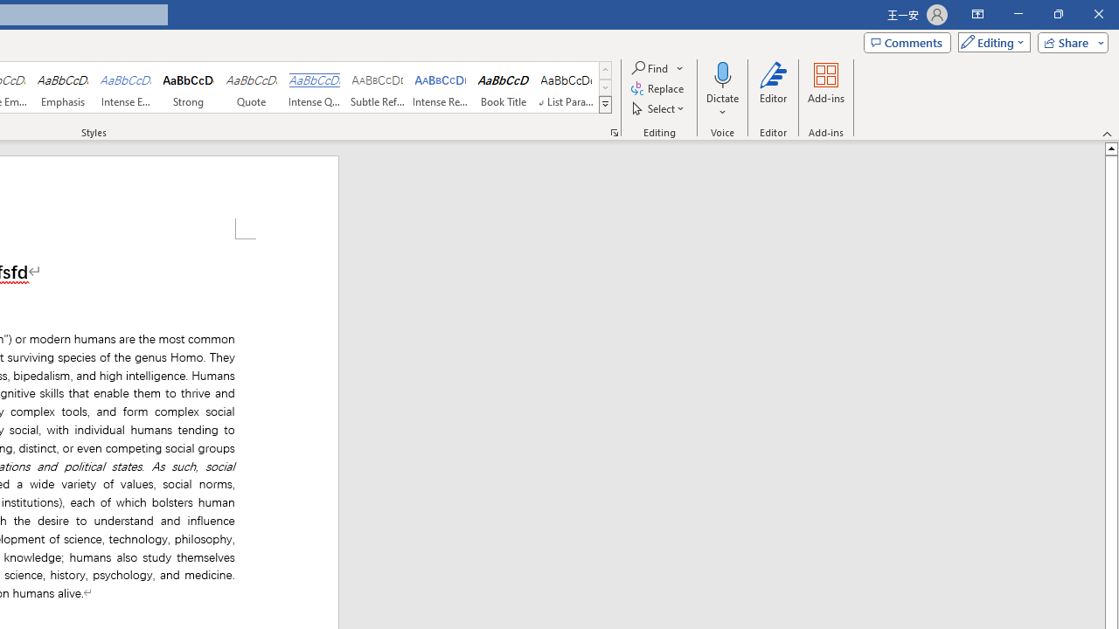 This screenshot has height=629, width=1119. I want to click on 'Quote', so click(251, 87).